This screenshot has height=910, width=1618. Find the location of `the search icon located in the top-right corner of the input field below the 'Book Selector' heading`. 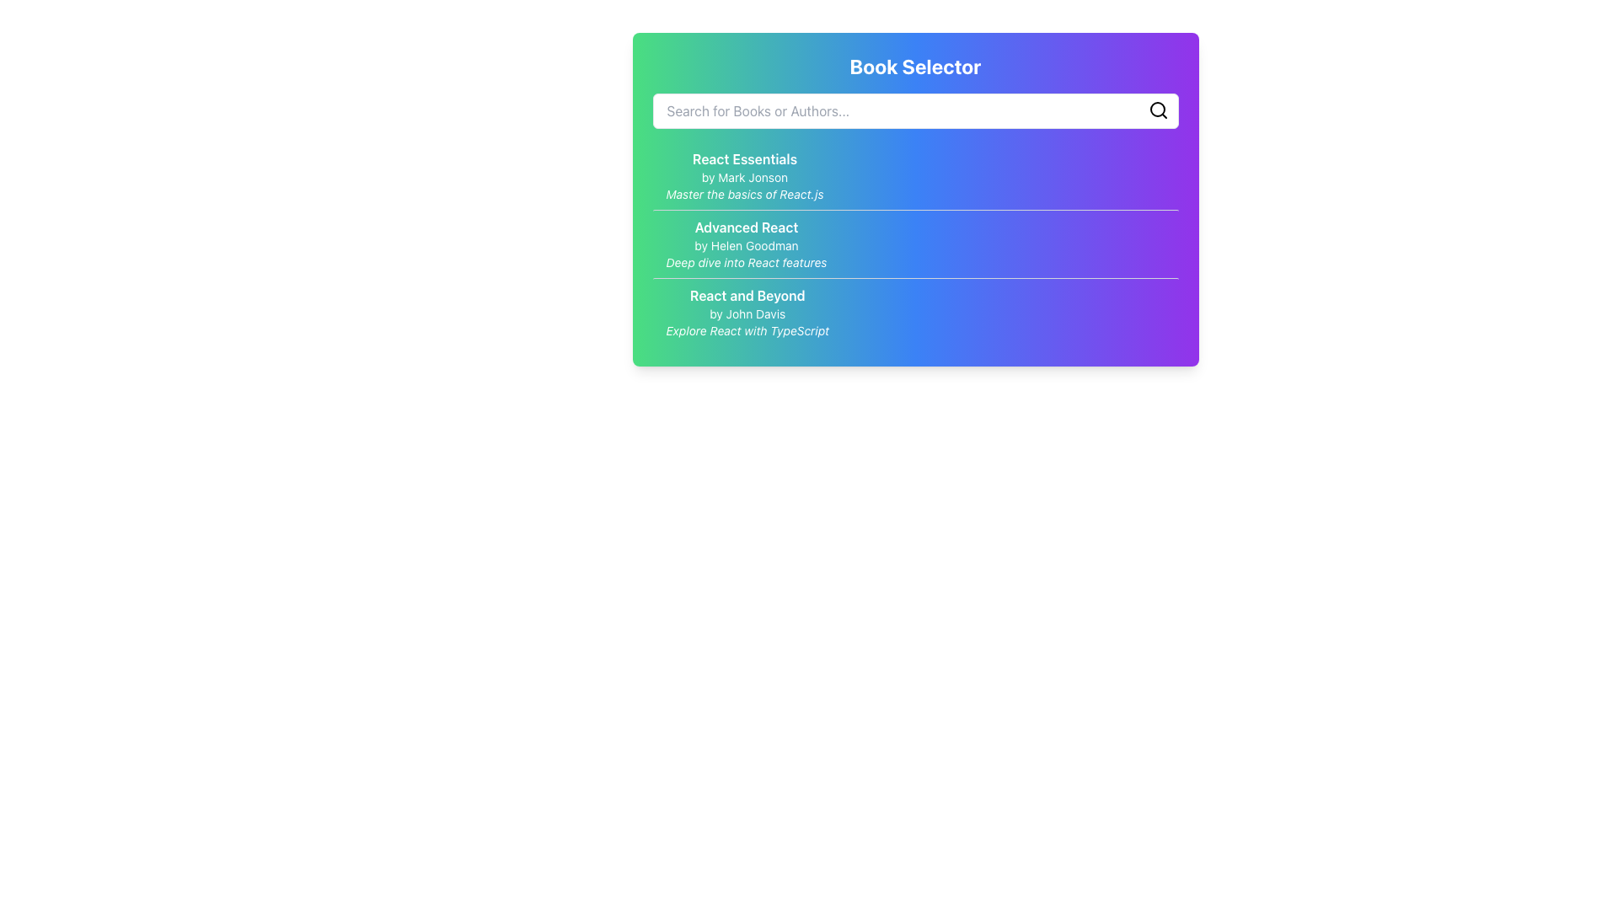

the search icon located in the top-right corner of the input field below the 'Book Selector' heading is located at coordinates (1157, 110).